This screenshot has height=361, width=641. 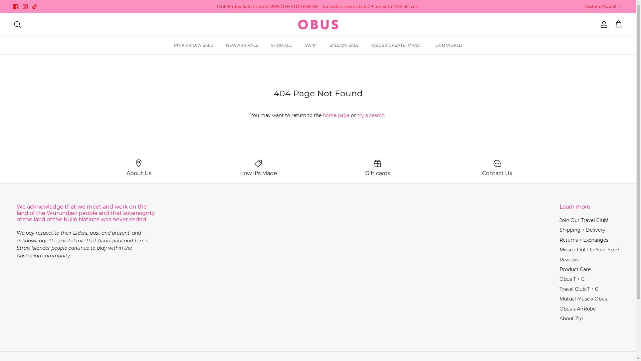 I want to click on 'Product Care', so click(x=575, y=269).